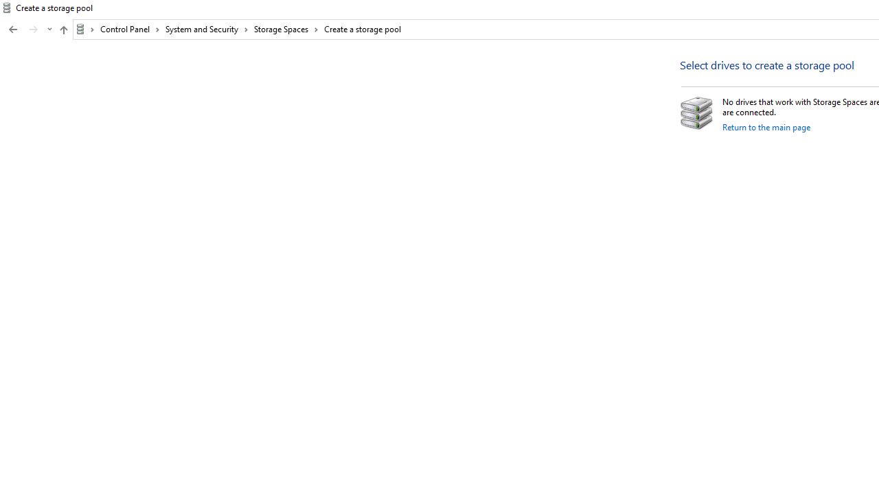 The width and height of the screenshot is (879, 494). I want to click on 'Navigation buttons', so click(29, 30).